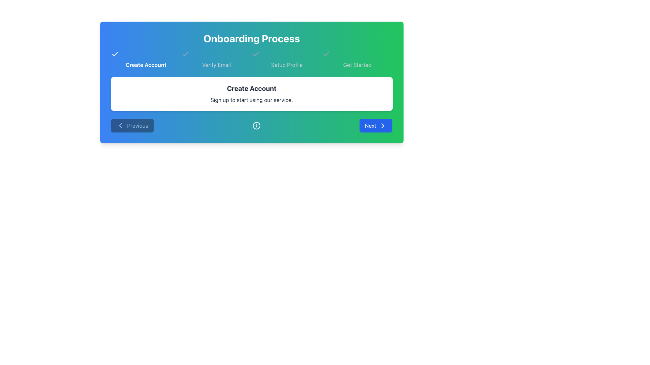 The height and width of the screenshot is (365, 650). What do you see at coordinates (375, 125) in the screenshot?
I see `the blue rectangular button labeled 'Next' located at the bottom-right of the interface` at bounding box center [375, 125].